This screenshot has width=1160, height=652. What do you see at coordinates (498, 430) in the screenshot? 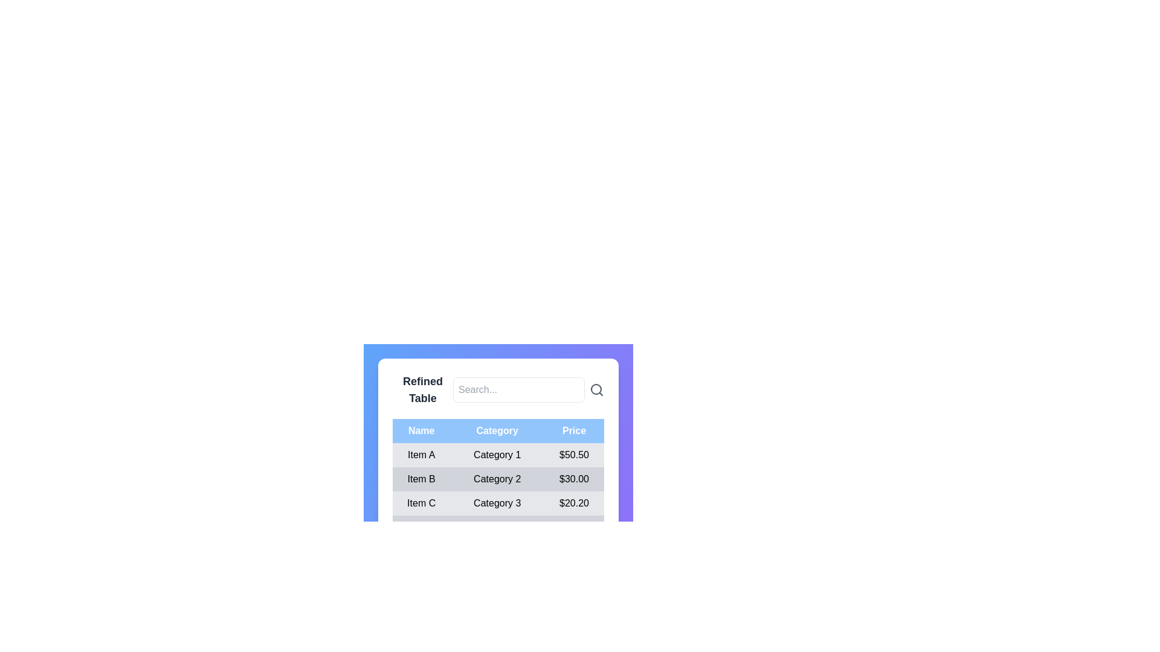
I see `the Table Header Row which includes the labels 'Name,' 'Category,' and 'Price' for the respective columns of the table` at bounding box center [498, 430].